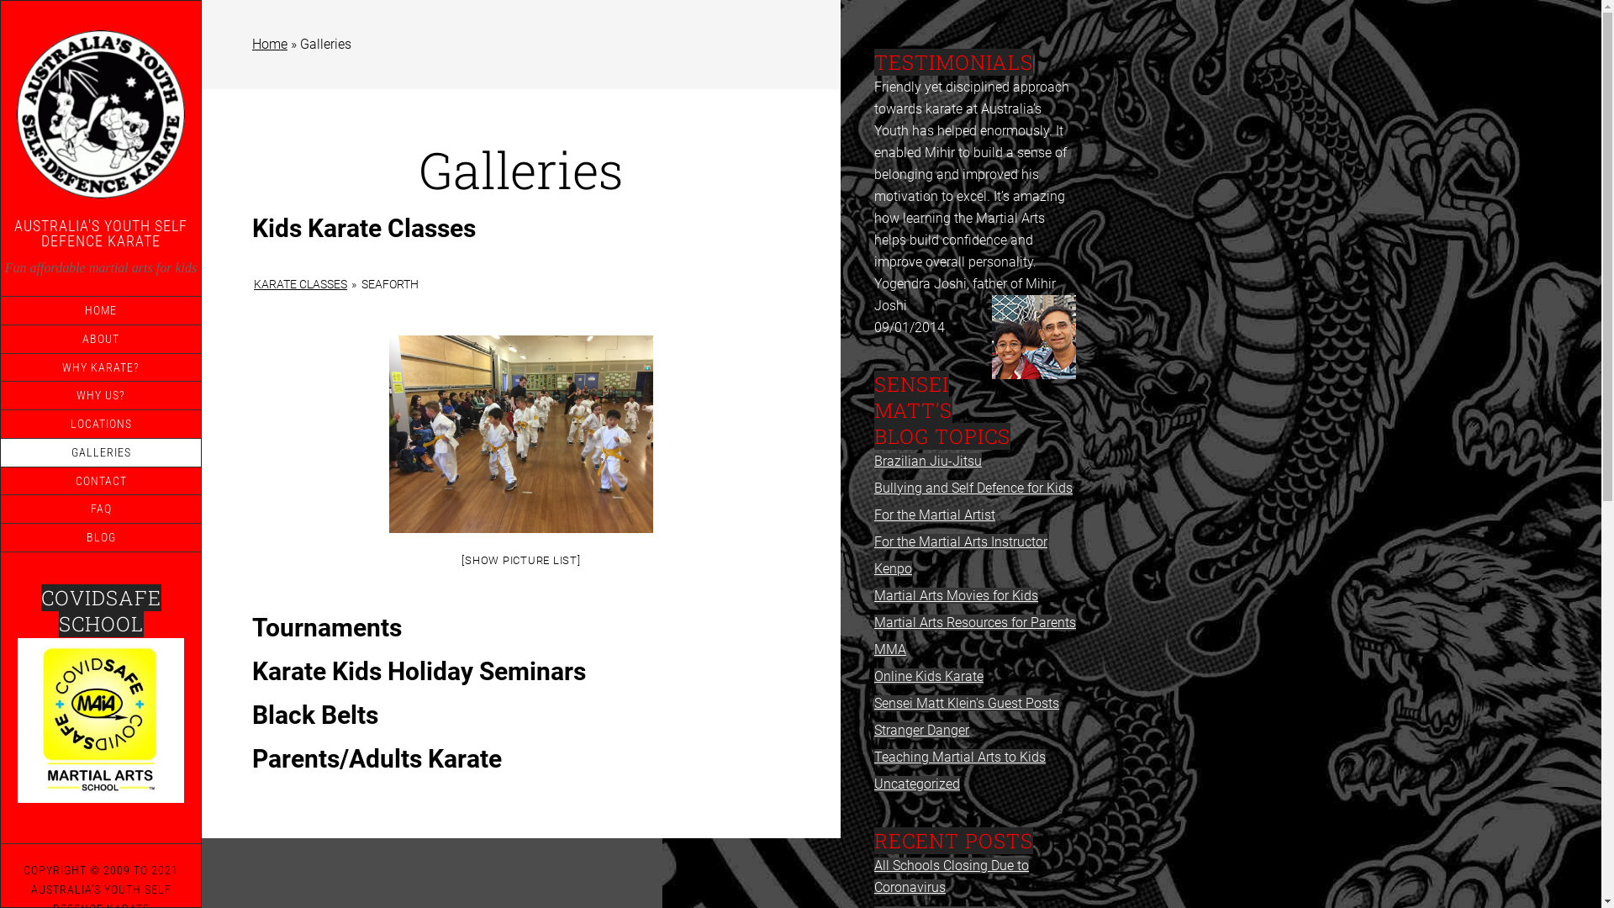  I want to click on 'For the Martial Artist', so click(934, 514).